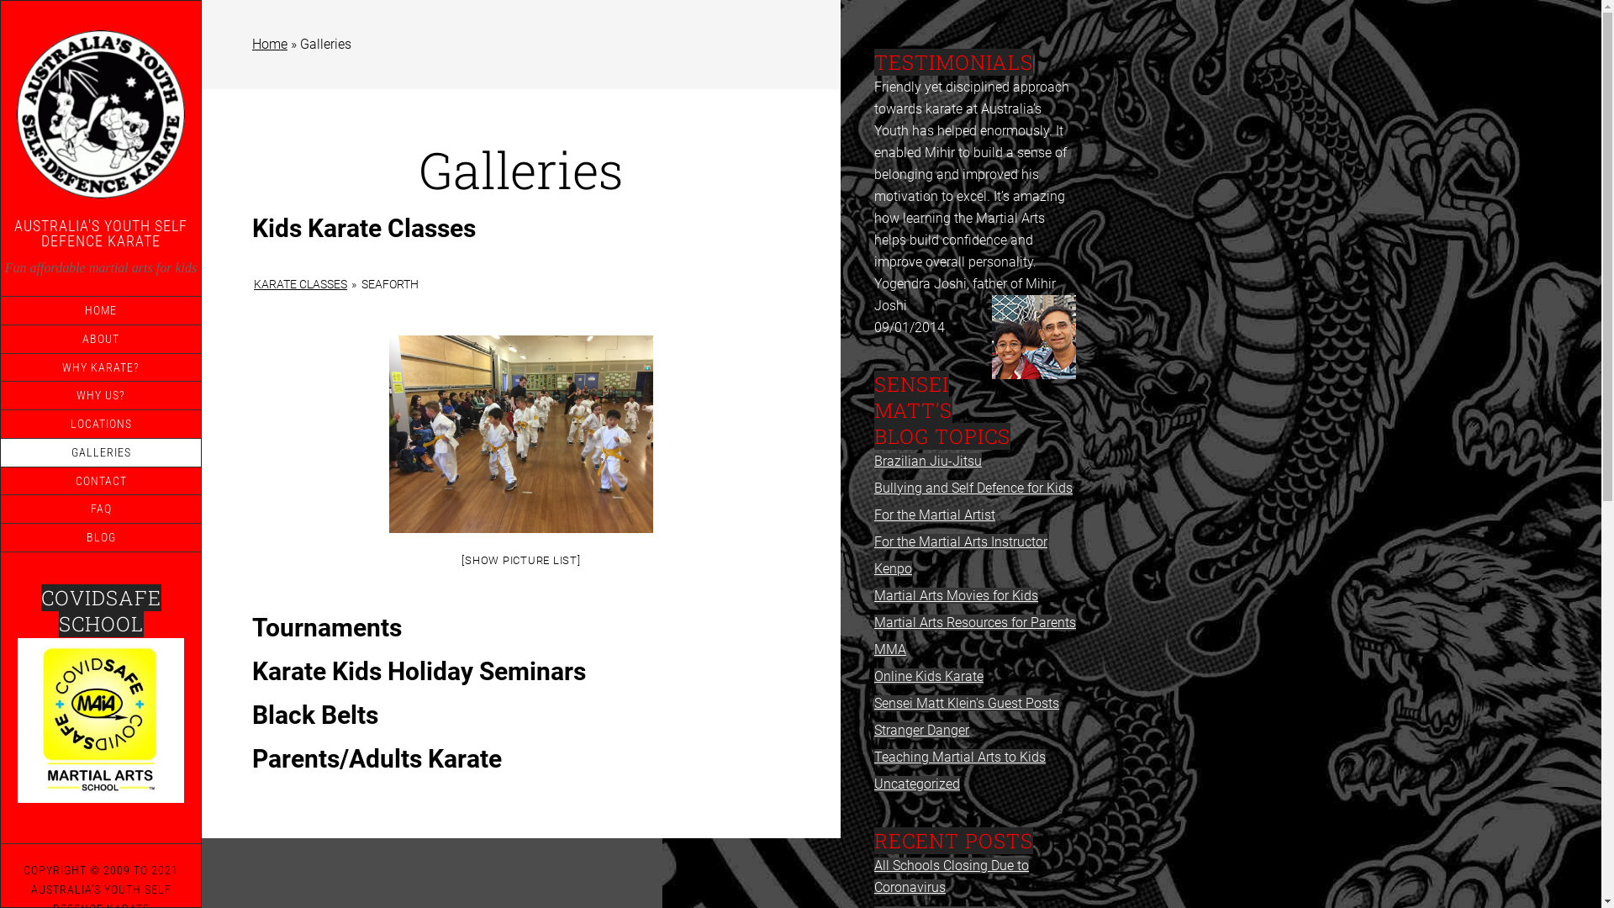  I want to click on 'For the Martial Artist', so click(934, 514).